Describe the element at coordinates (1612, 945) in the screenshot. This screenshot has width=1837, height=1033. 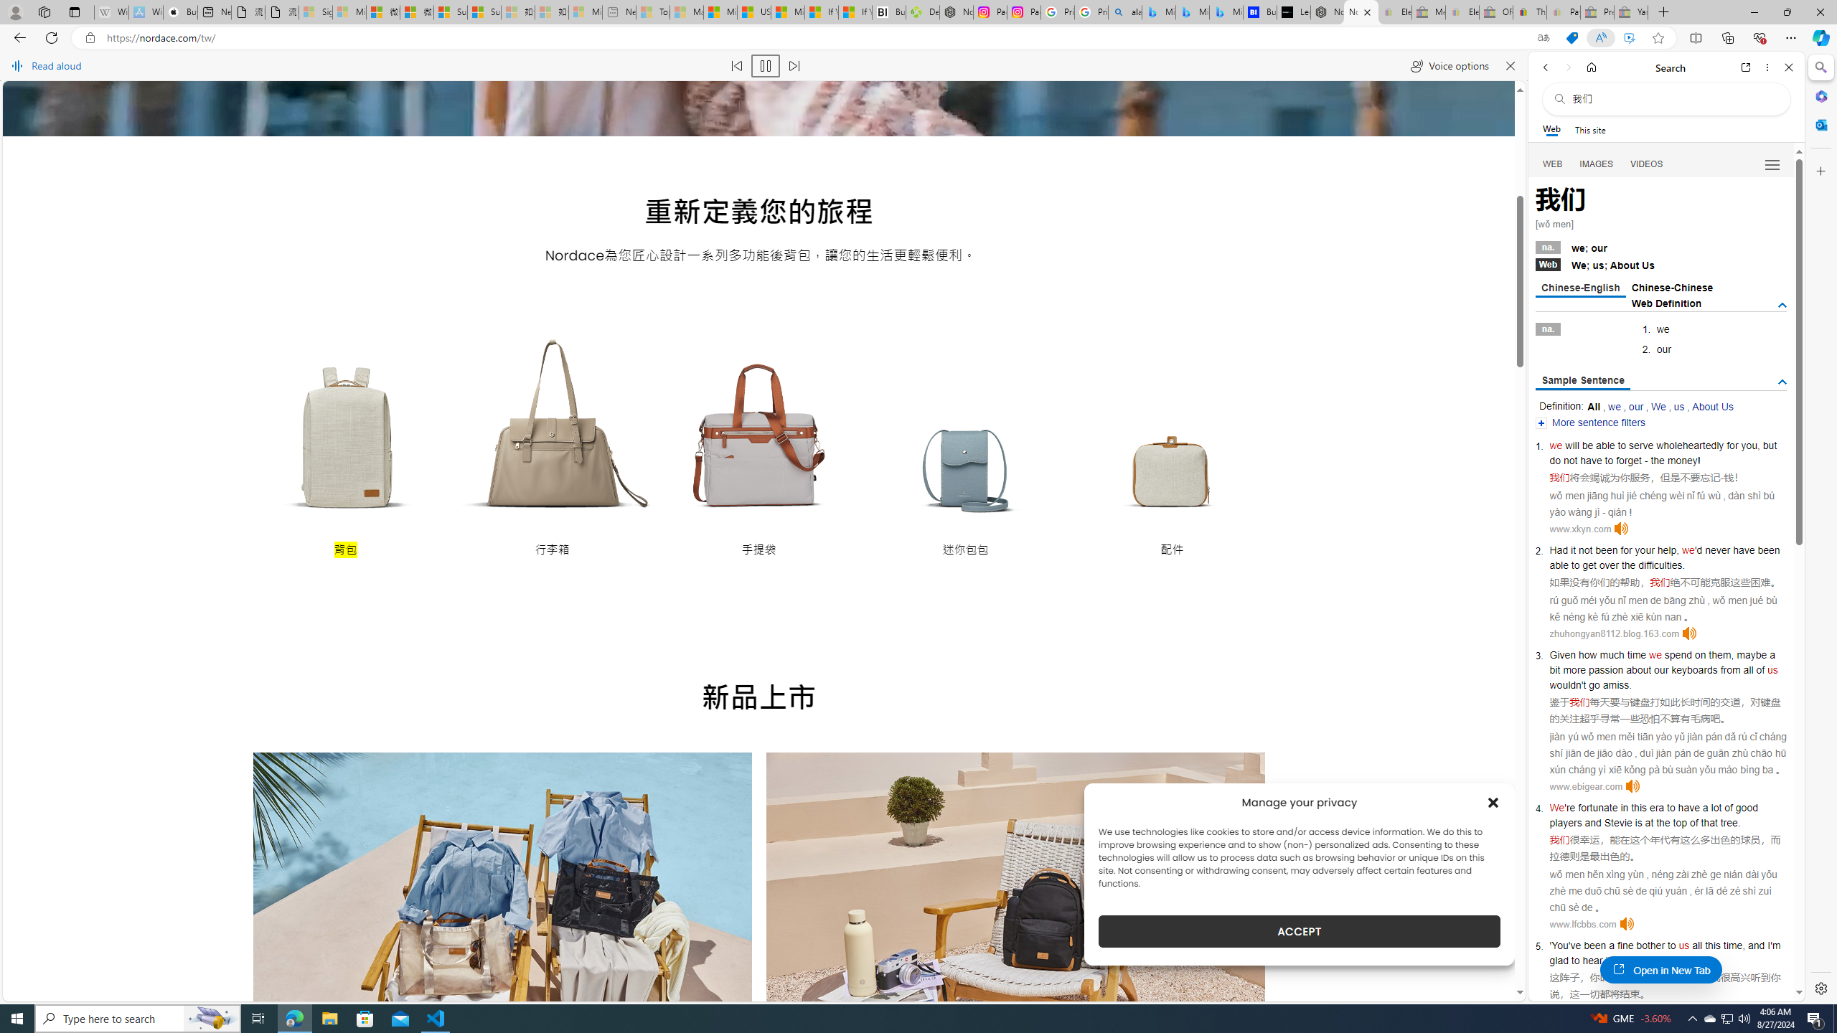
I see `'a'` at that location.